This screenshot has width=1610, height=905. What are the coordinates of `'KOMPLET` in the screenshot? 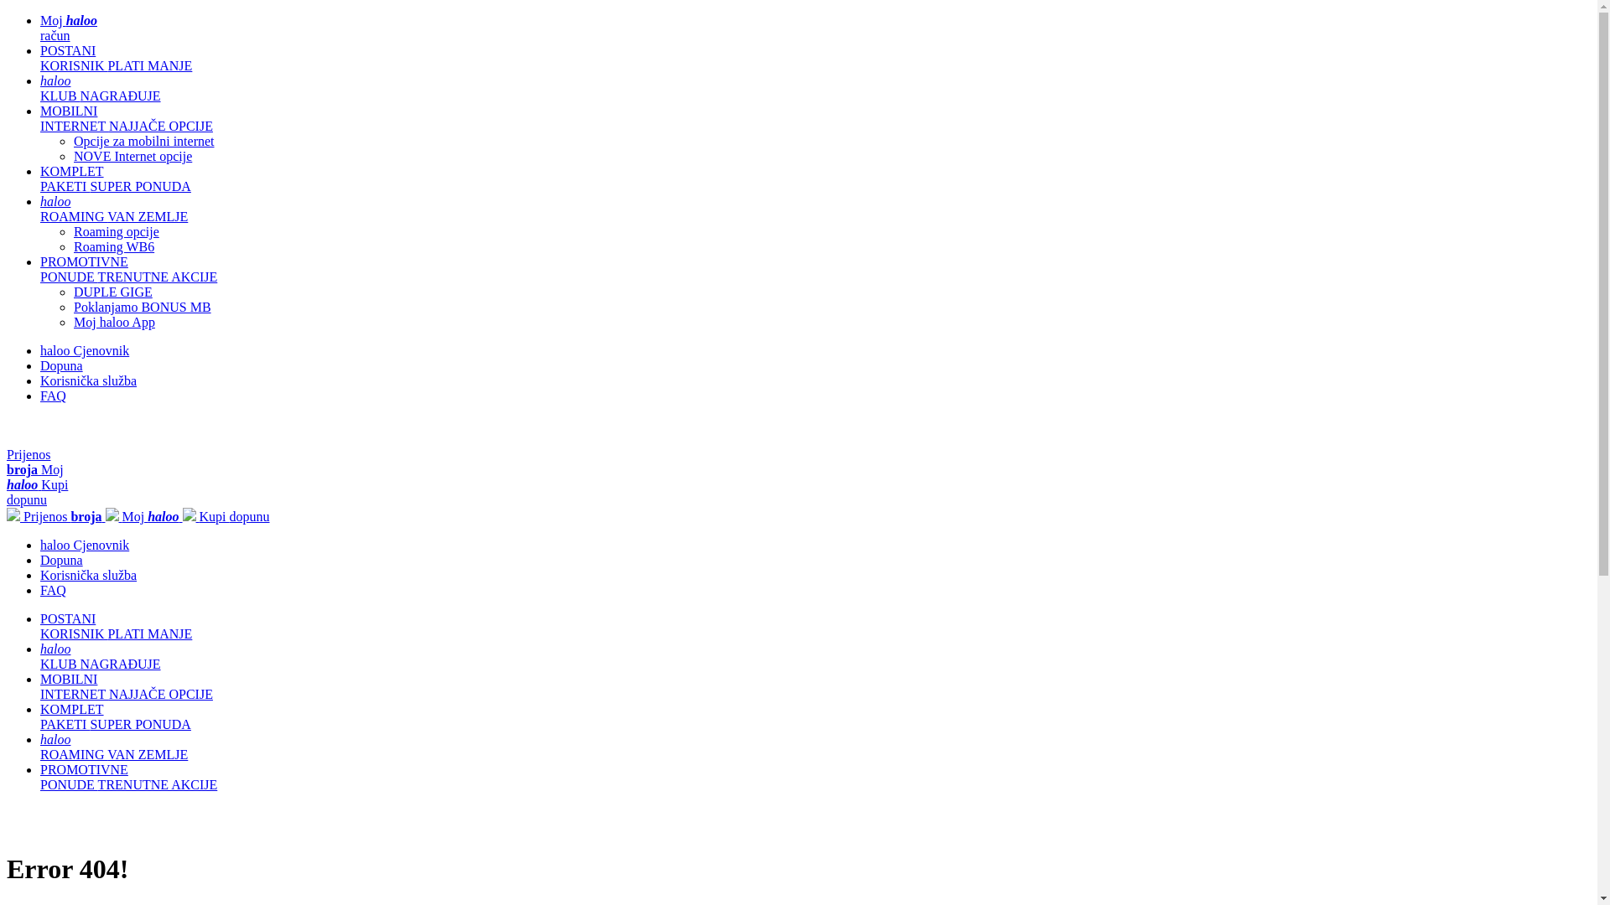 It's located at (115, 178).